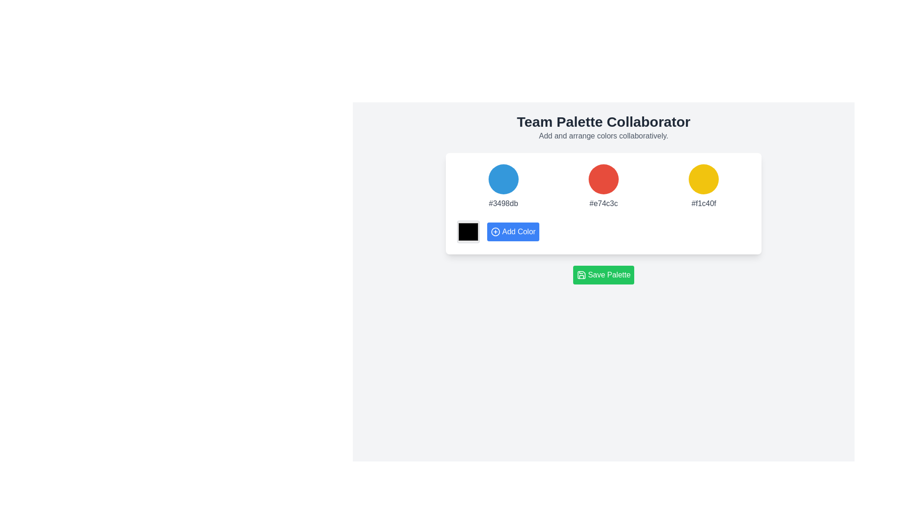 This screenshot has height=507, width=902. What do you see at coordinates (468, 231) in the screenshot?
I see `the color picker element located to the left of the 'Add Color' button` at bounding box center [468, 231].